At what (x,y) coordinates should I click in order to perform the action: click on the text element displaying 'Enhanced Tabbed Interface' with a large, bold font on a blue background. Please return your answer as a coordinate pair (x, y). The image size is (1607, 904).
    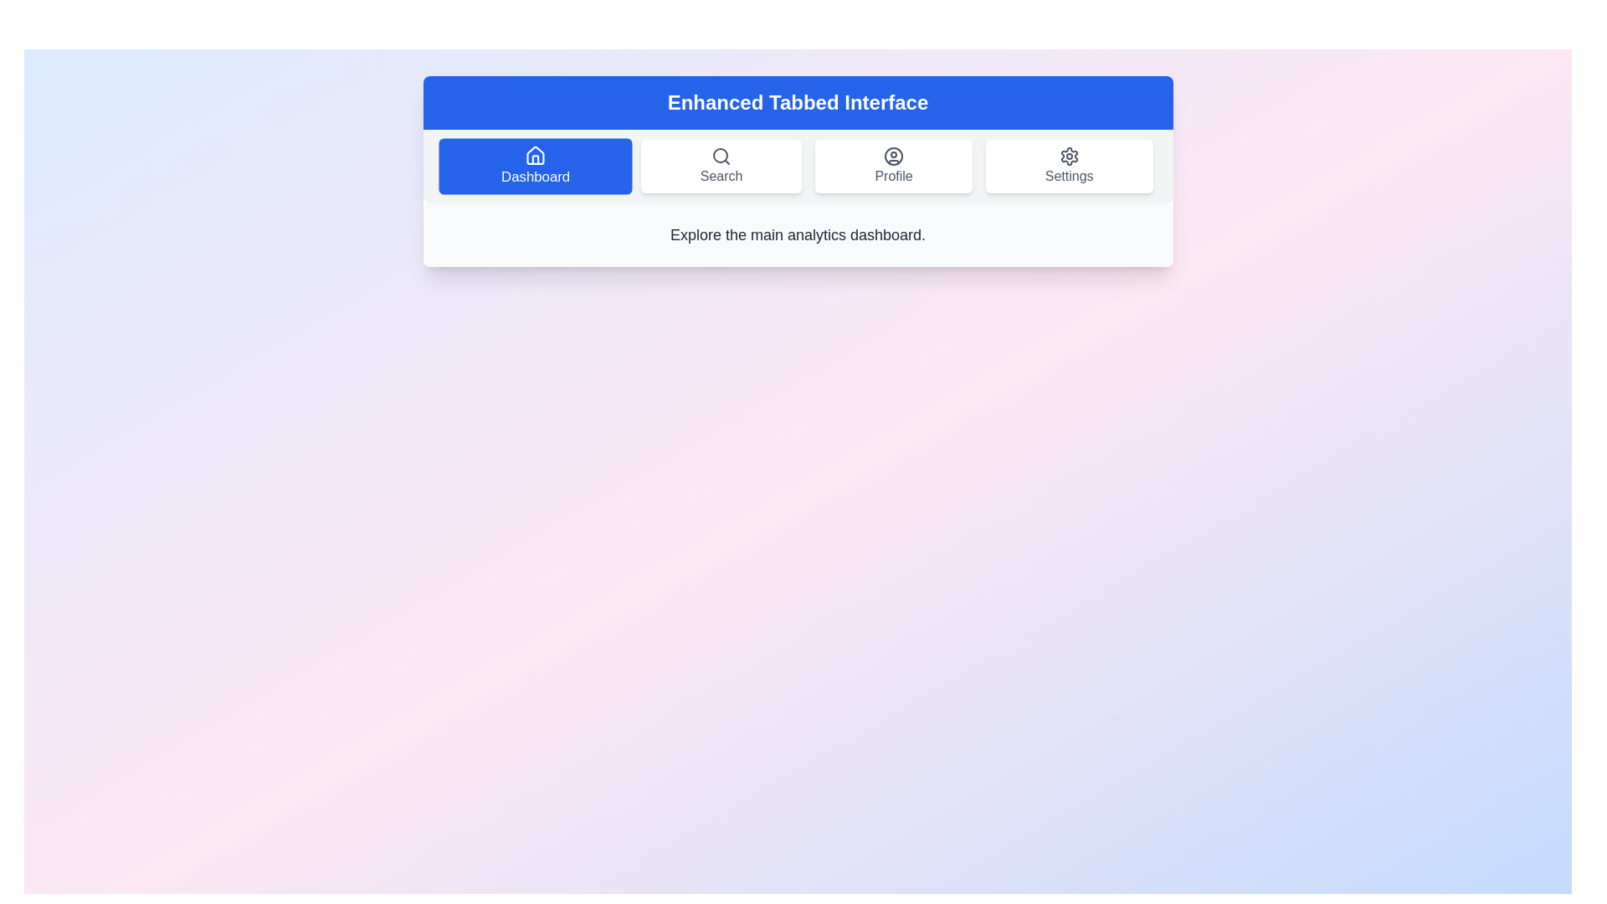
    Looking at the image, I should click on (797, 103).